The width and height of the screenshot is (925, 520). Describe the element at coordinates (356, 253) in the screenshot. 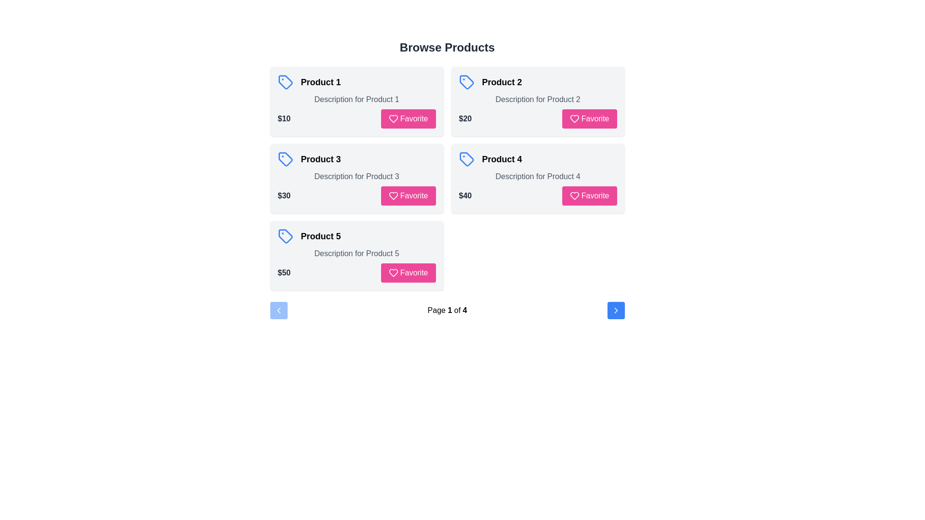

I see `the text-only descriptive label located under the header 'Product 5' in the bottom-left card of the 2x3 grid layout` at that location.